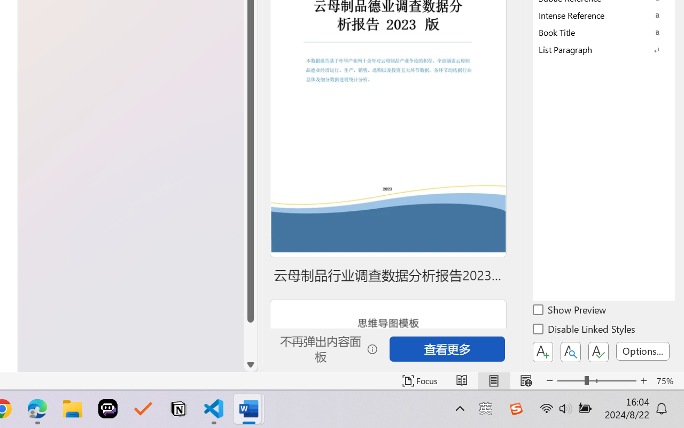 This screenshot has height=428, width=684. What do you see at coordinates (604, 15) in the screenshot?
I see `'Intense Reference'` at bounding box center [604, 15].